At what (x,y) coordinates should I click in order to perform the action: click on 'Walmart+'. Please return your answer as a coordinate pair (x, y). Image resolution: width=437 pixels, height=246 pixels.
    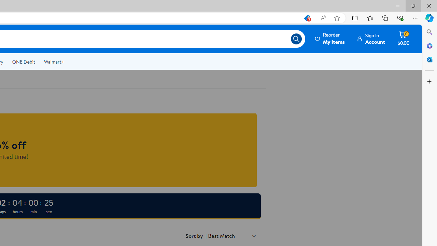
    Looking at the image, I should click on (54, 62).